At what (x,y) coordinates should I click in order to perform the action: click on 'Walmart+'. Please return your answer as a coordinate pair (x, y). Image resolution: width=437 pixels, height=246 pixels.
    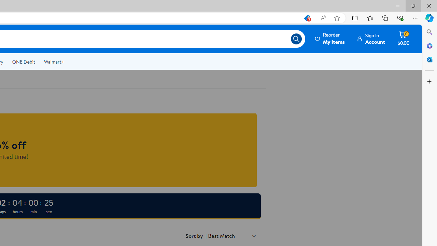
    Looking at the image, I should click on (54, 62).